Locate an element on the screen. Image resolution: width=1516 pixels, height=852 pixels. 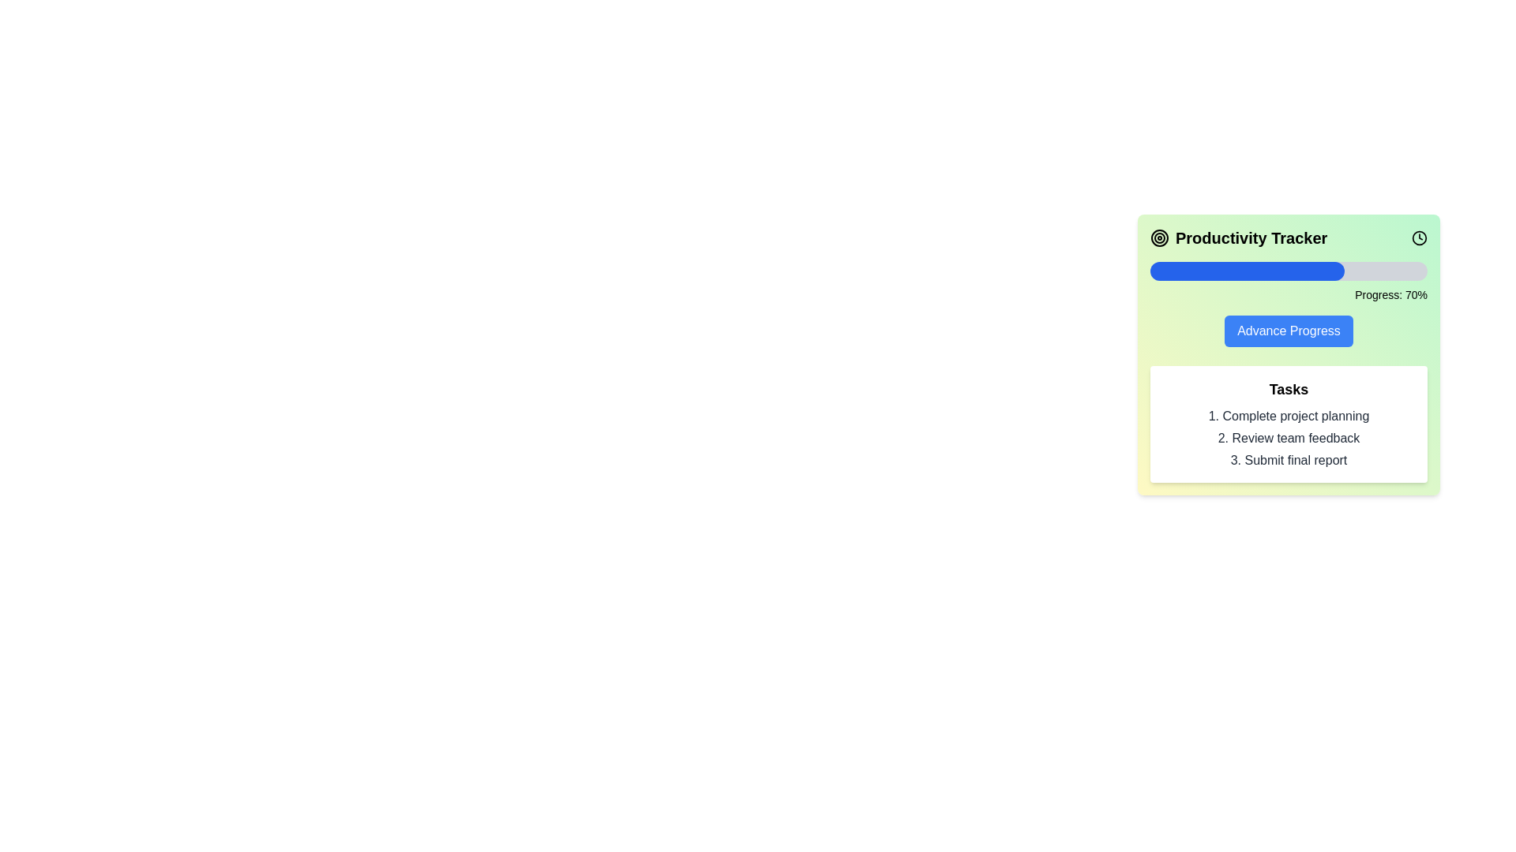
the clock icon located at the top-right corner of the 'Productivity Tracker' feature, which serves as a visual indicator for time-related aspects is located at coordinates (1420, 237).